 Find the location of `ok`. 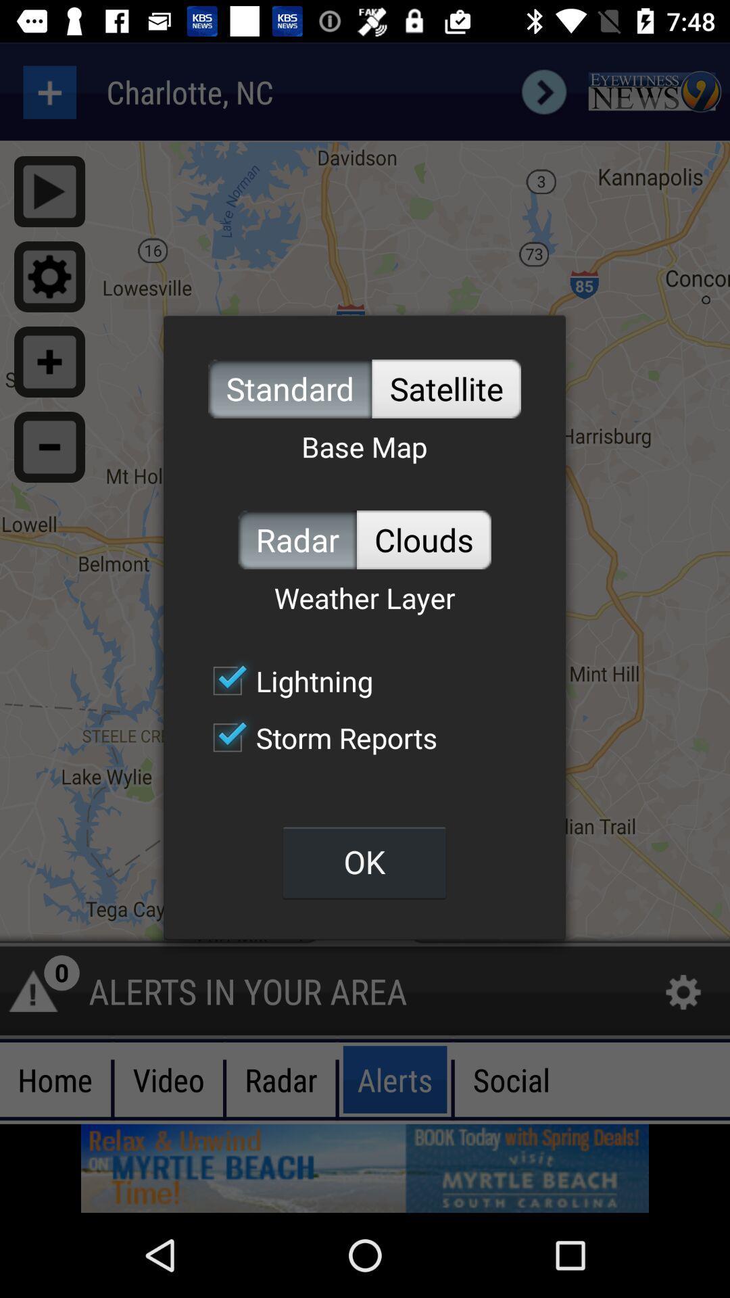

ok is located at coordinates (364, 861).